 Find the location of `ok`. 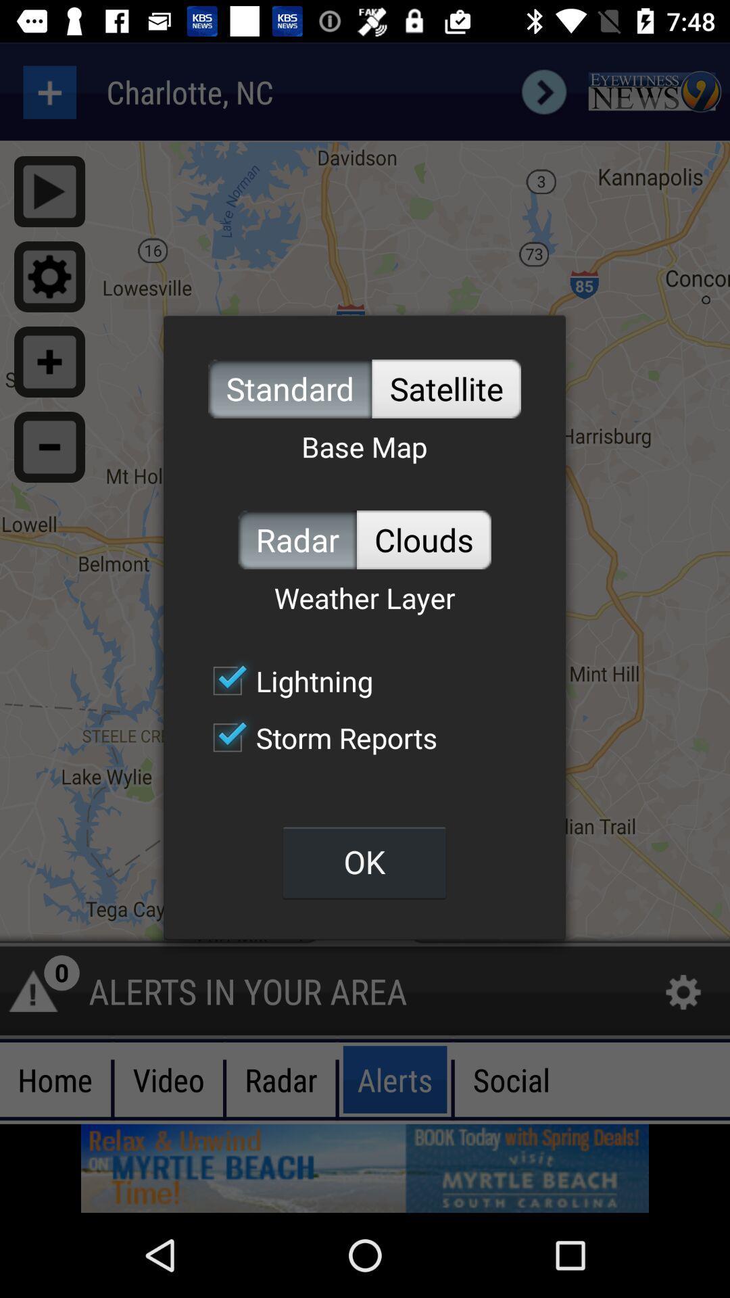

ok is located at coordinates (364, 861).